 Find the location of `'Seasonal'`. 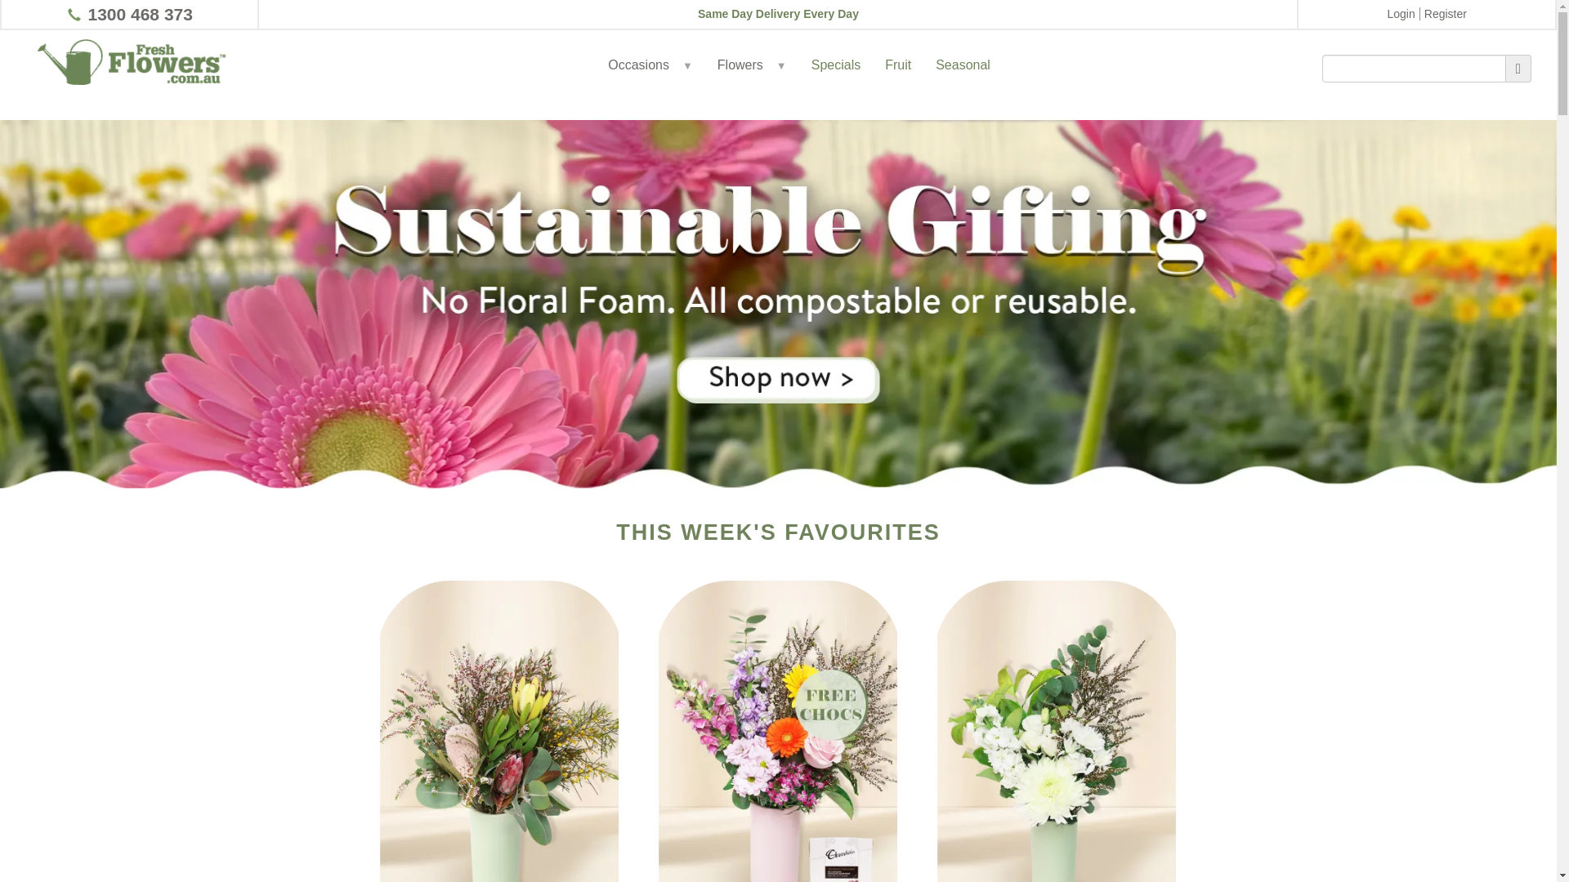

'Seasonal' is located at coordinates (963, 82).